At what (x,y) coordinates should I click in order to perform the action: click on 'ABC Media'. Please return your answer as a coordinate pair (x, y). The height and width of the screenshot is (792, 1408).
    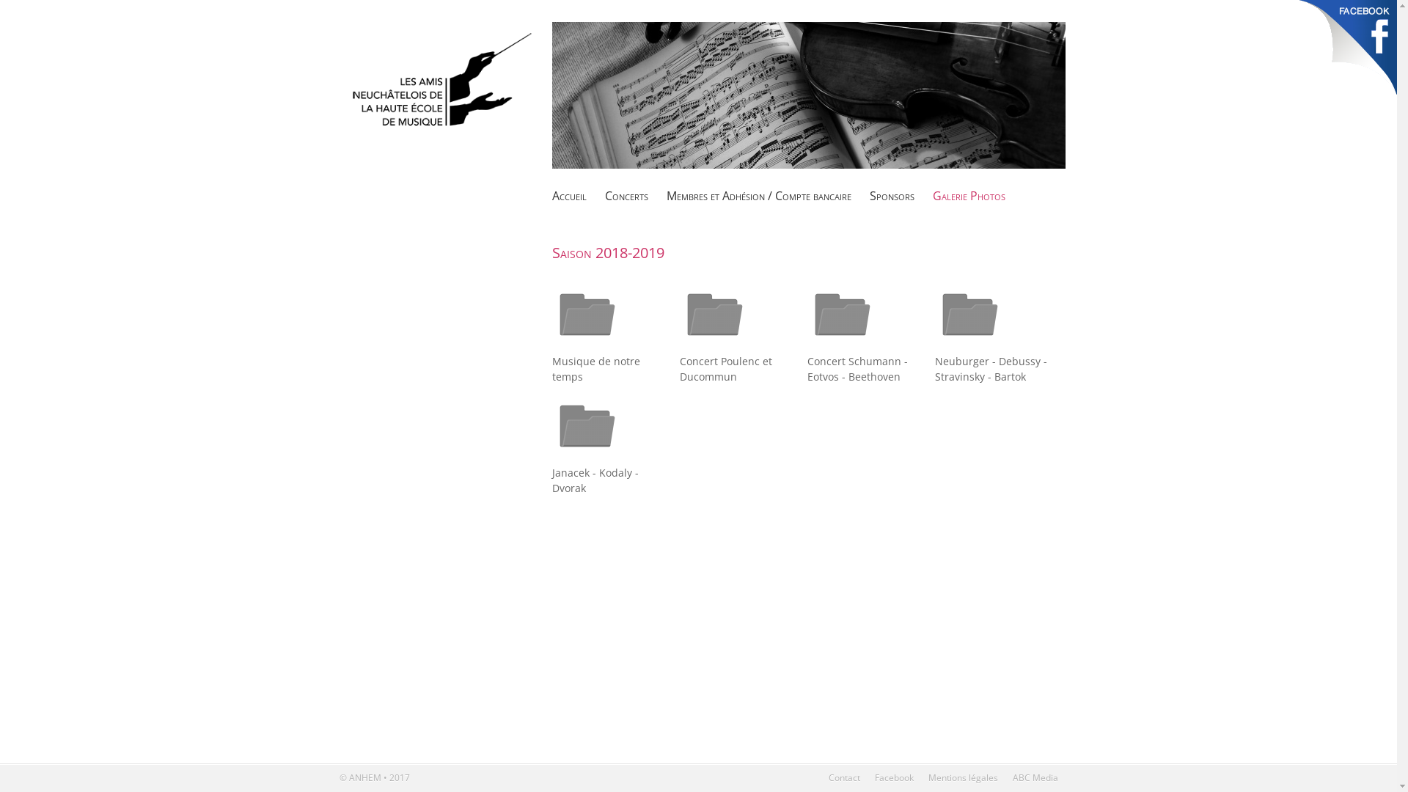
    Looking at the image, I should click on (1034, 777).